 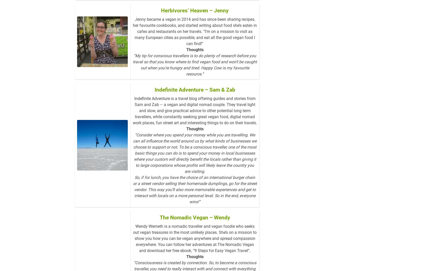 What do you see at coordinates (194, 197) in the screenshot?
I see `'So, if for lunch, you have the choice of an international burger chain or a street vendor selling their homemade dumplings, go for the street vendor. This way you’ll also more memorable experiences and get to interact with locals on a more personal level. So in the end, everyone wins!”'` at bounding box center [194, 197].